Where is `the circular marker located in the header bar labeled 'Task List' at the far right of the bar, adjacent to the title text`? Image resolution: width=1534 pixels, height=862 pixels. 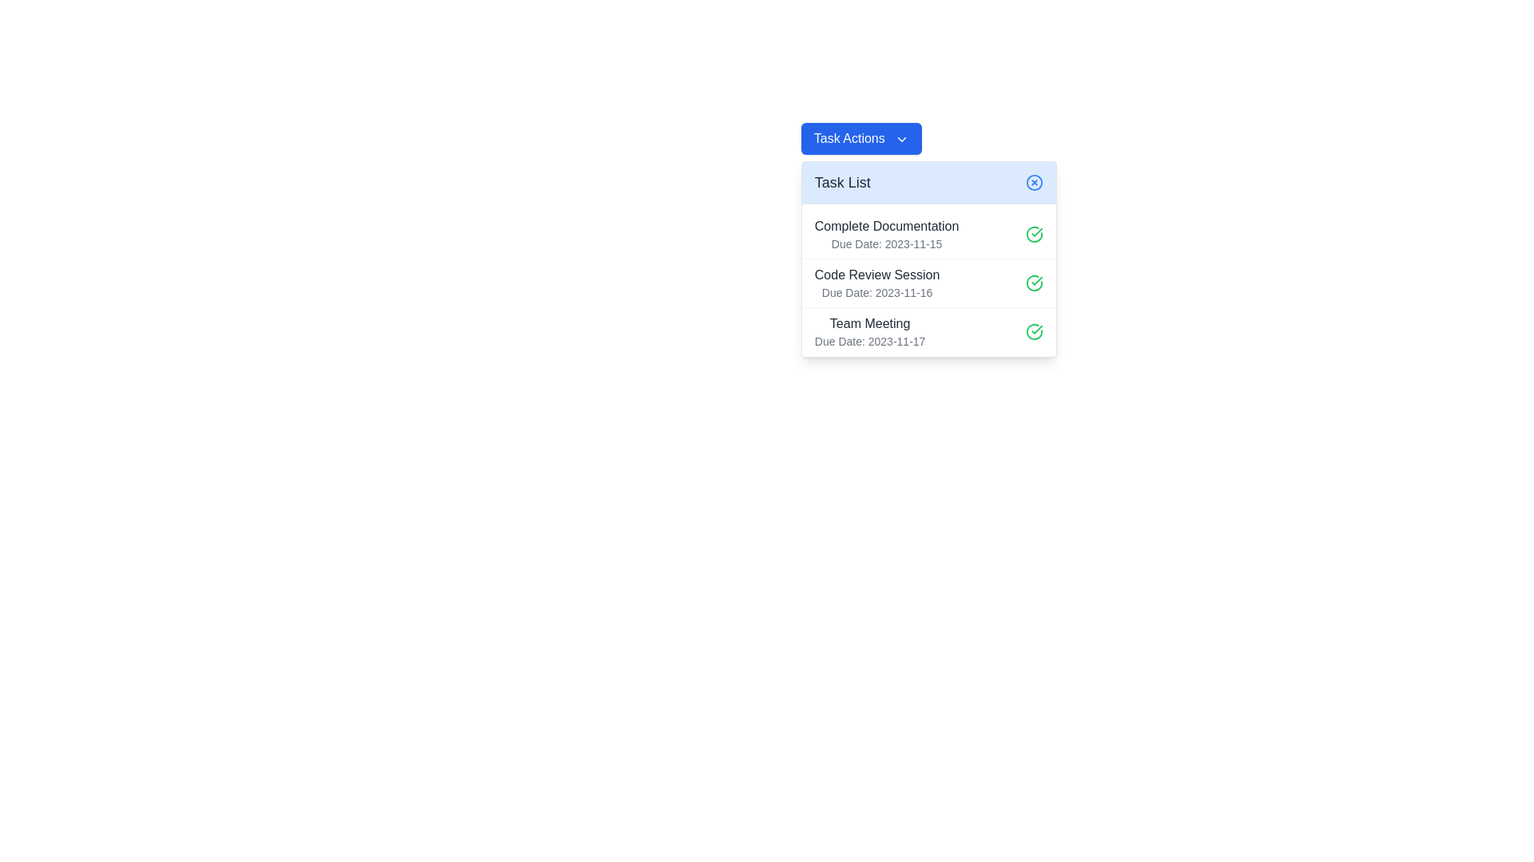 the circular marker located in the header bar labeled 'Task List' at the far right of the bar, adjacent to the title text is located at coordinates (1034, 181).